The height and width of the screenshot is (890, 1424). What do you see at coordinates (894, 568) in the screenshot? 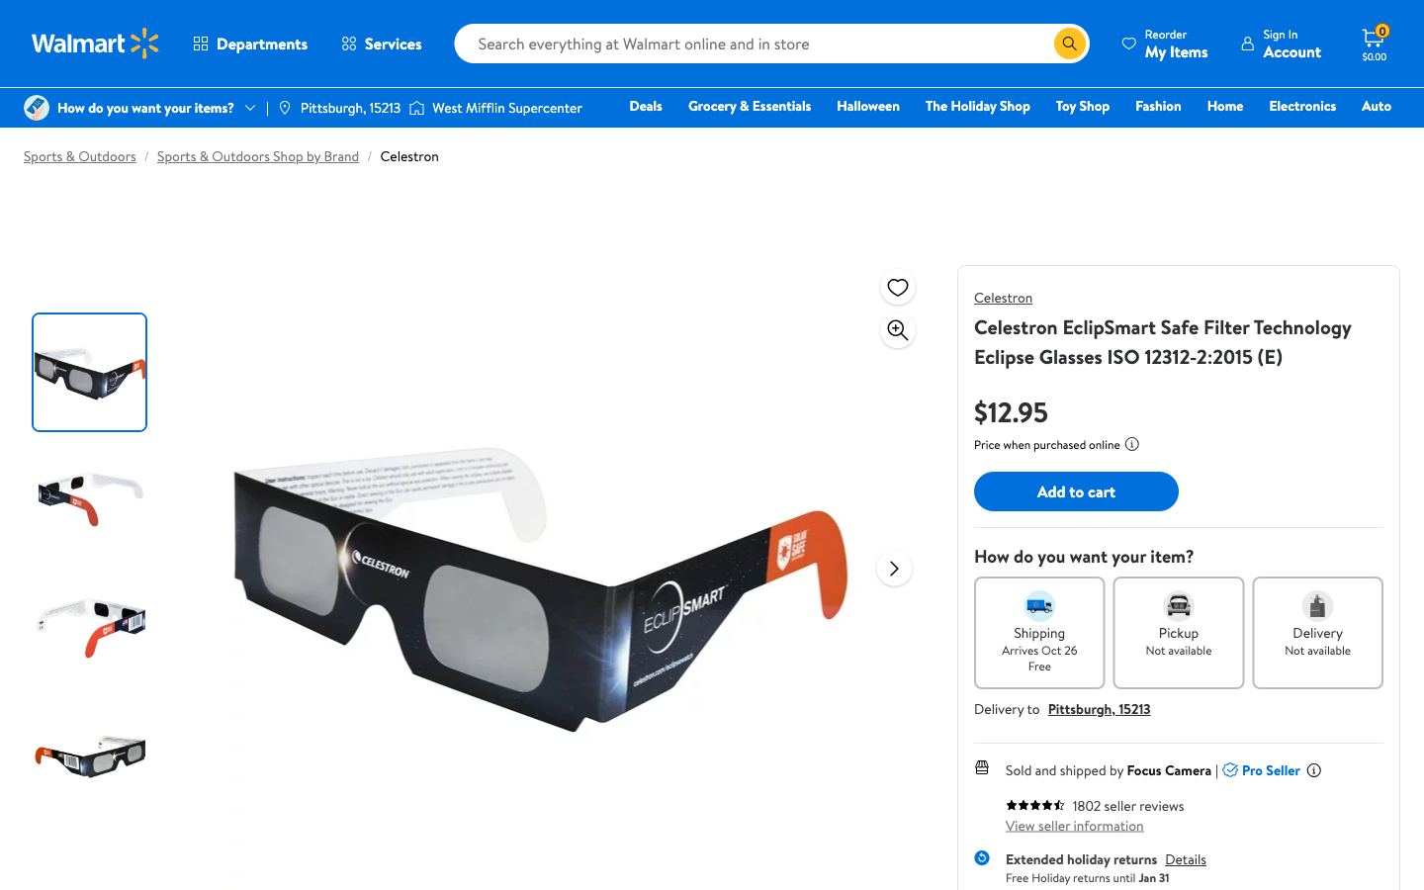
I see `Navigate through different product visuals` at bounding box center [894, 568].